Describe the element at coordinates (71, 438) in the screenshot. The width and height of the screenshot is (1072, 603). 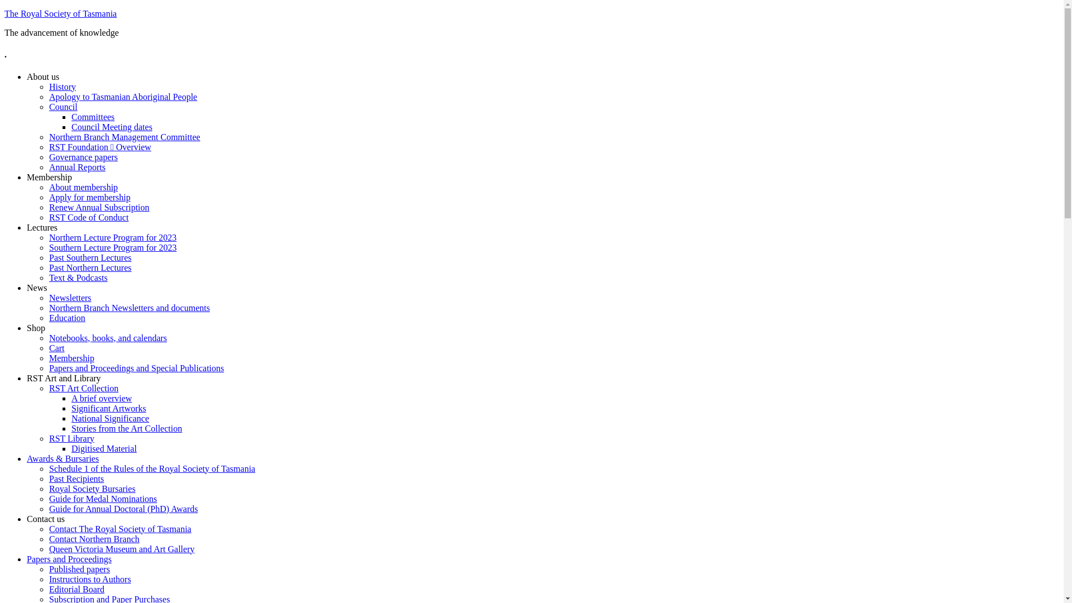
I see `'RST Library'` at that location.